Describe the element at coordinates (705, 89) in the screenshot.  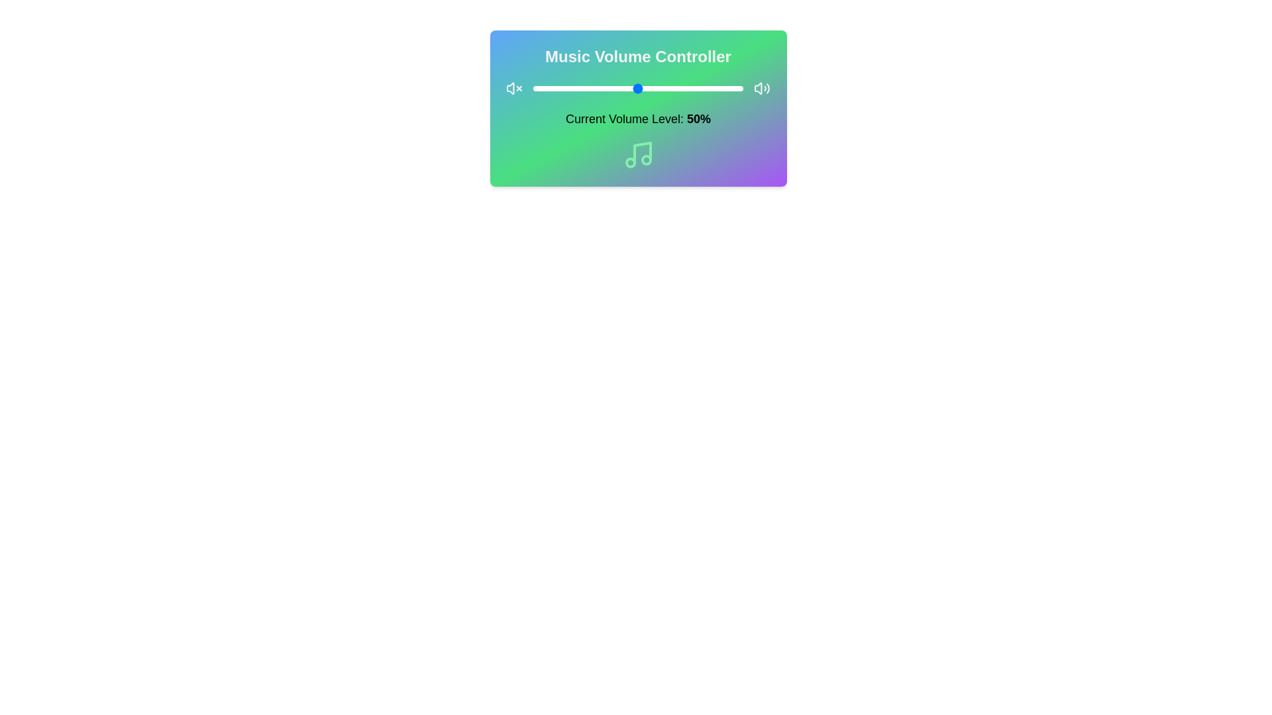
I see `the volume slider to 82%` at that location.